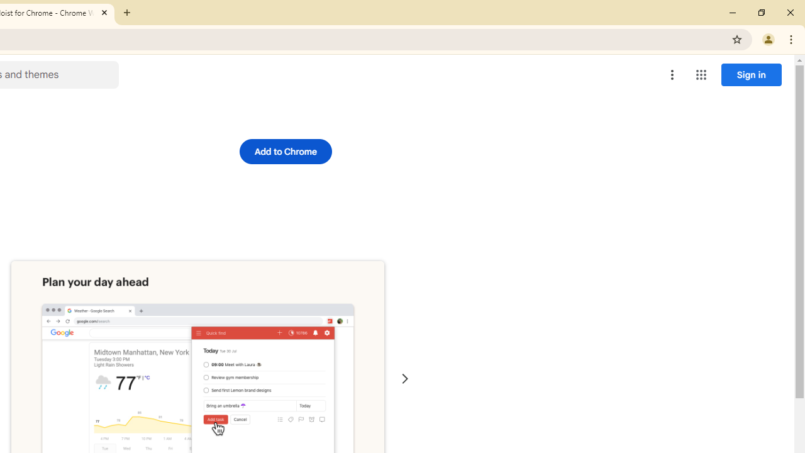 The width and height of the screenshot is (805, 453). Describe the element at coordinates (284, 150) in the screenshot. I see `'Add to Chrome'` at that location.